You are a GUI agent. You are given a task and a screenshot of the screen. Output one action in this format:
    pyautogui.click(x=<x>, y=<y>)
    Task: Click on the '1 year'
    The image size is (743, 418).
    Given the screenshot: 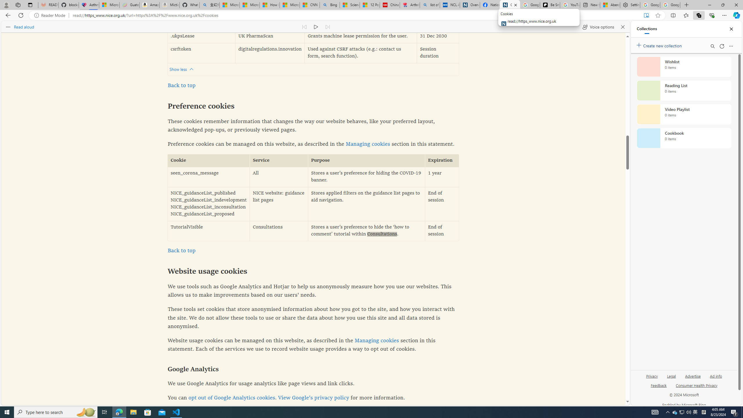 What is the action you would take?
    pyautogui.click(x=442, y=177)
    